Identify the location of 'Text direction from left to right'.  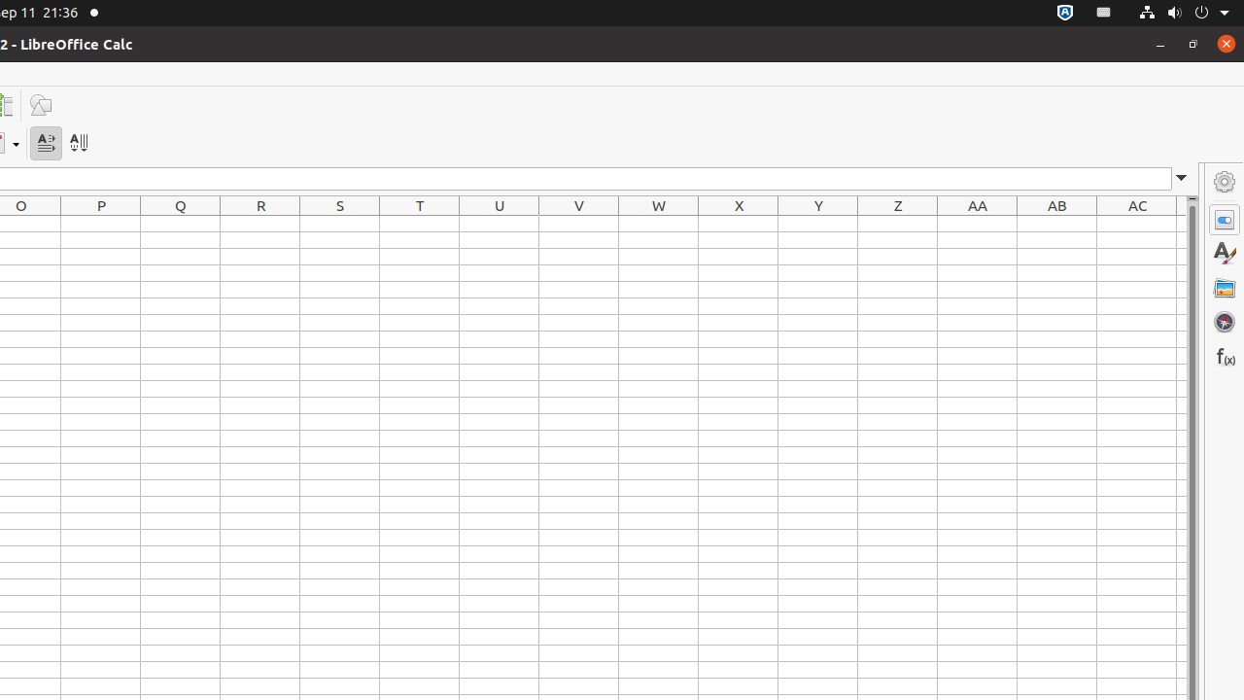
(46, 142).